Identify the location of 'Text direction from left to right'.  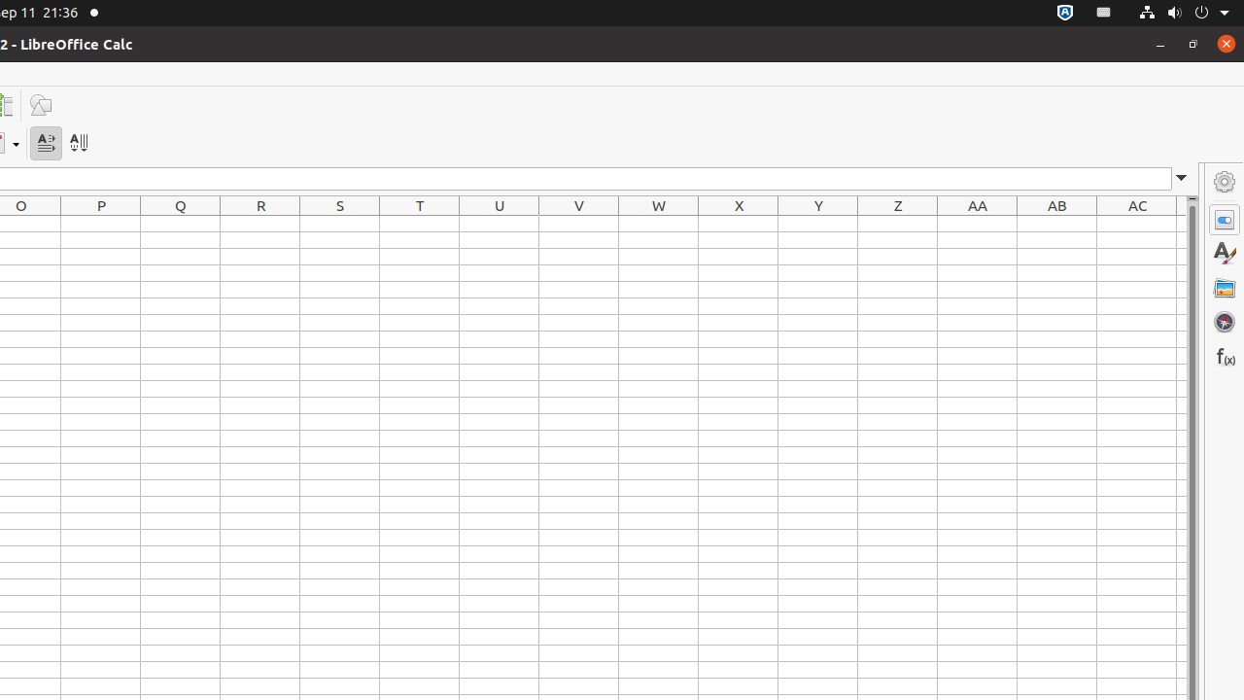
(46, 142).